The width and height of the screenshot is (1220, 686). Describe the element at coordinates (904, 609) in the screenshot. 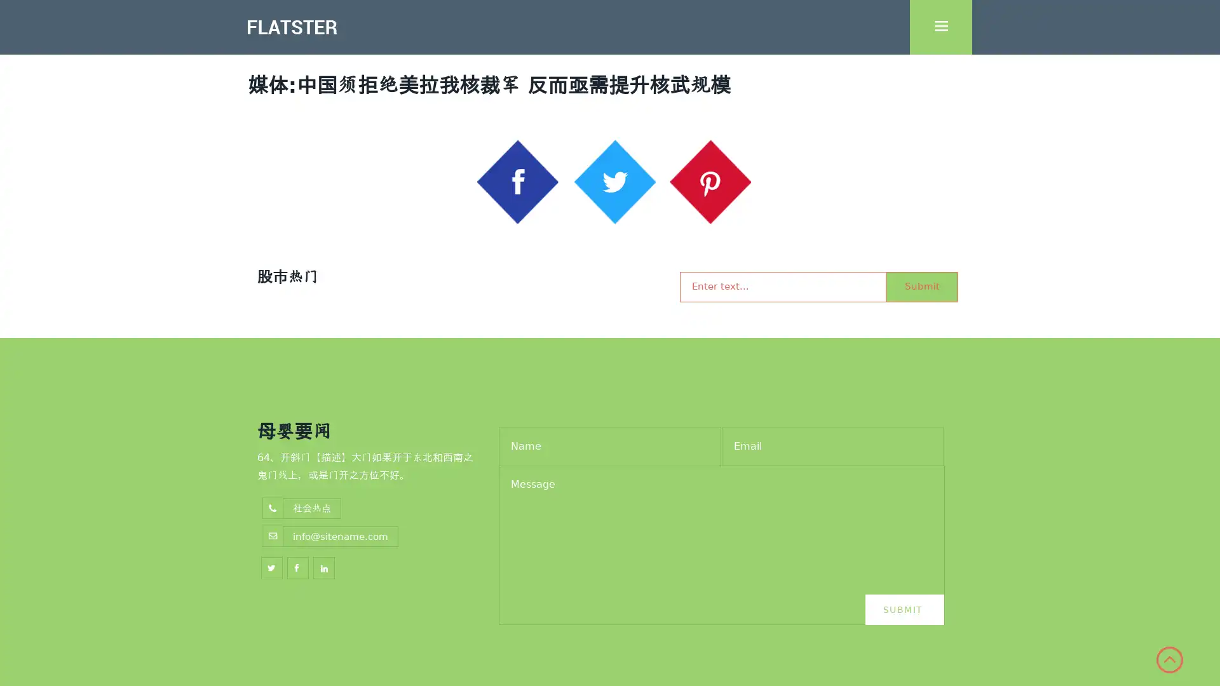

I see `Submit` at that location.